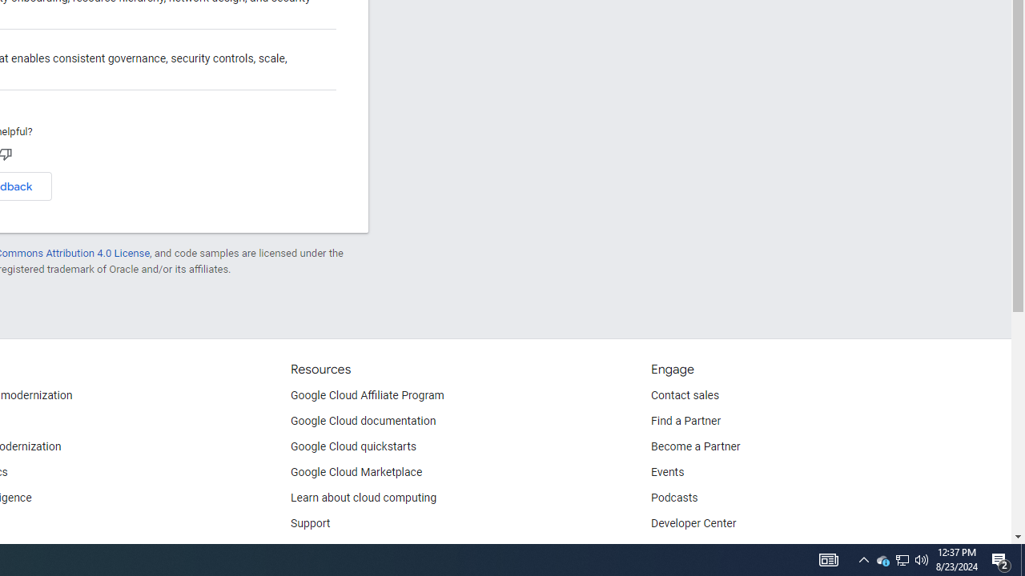 This screenshot has width=1025, height=576. I want to click on 'Google Cloud documentation', so click(363, 421).